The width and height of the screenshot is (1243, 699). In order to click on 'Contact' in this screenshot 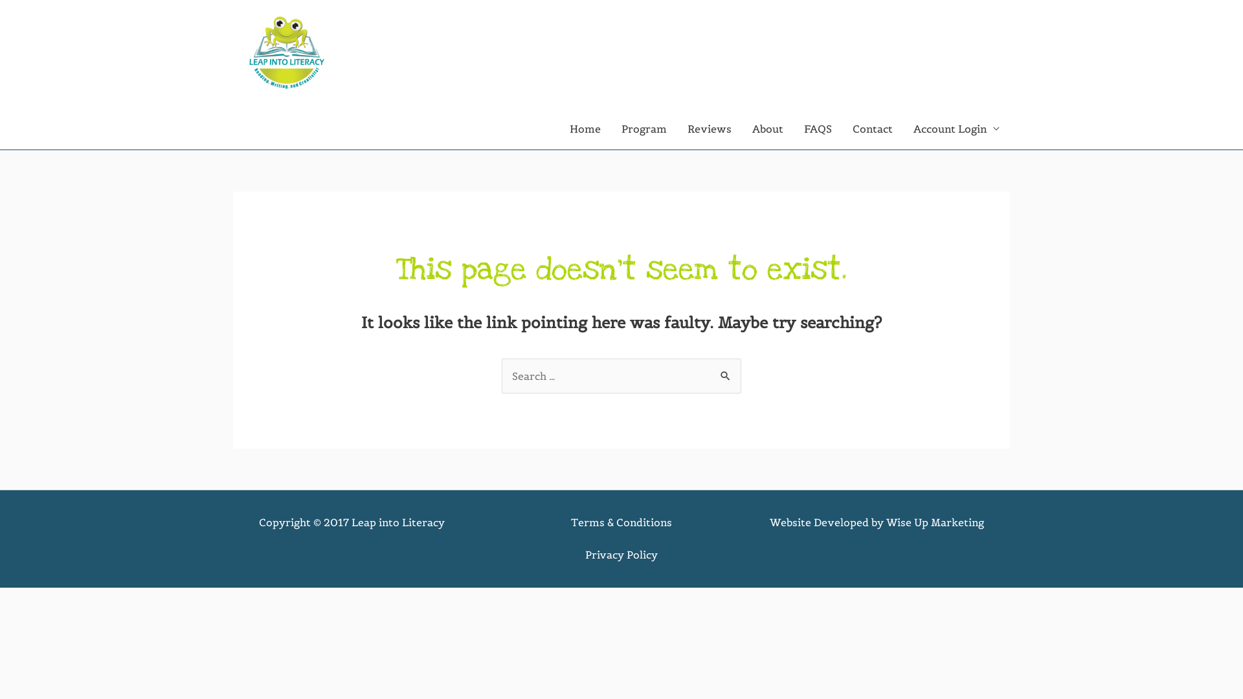, I will do `click(873, 129)`.